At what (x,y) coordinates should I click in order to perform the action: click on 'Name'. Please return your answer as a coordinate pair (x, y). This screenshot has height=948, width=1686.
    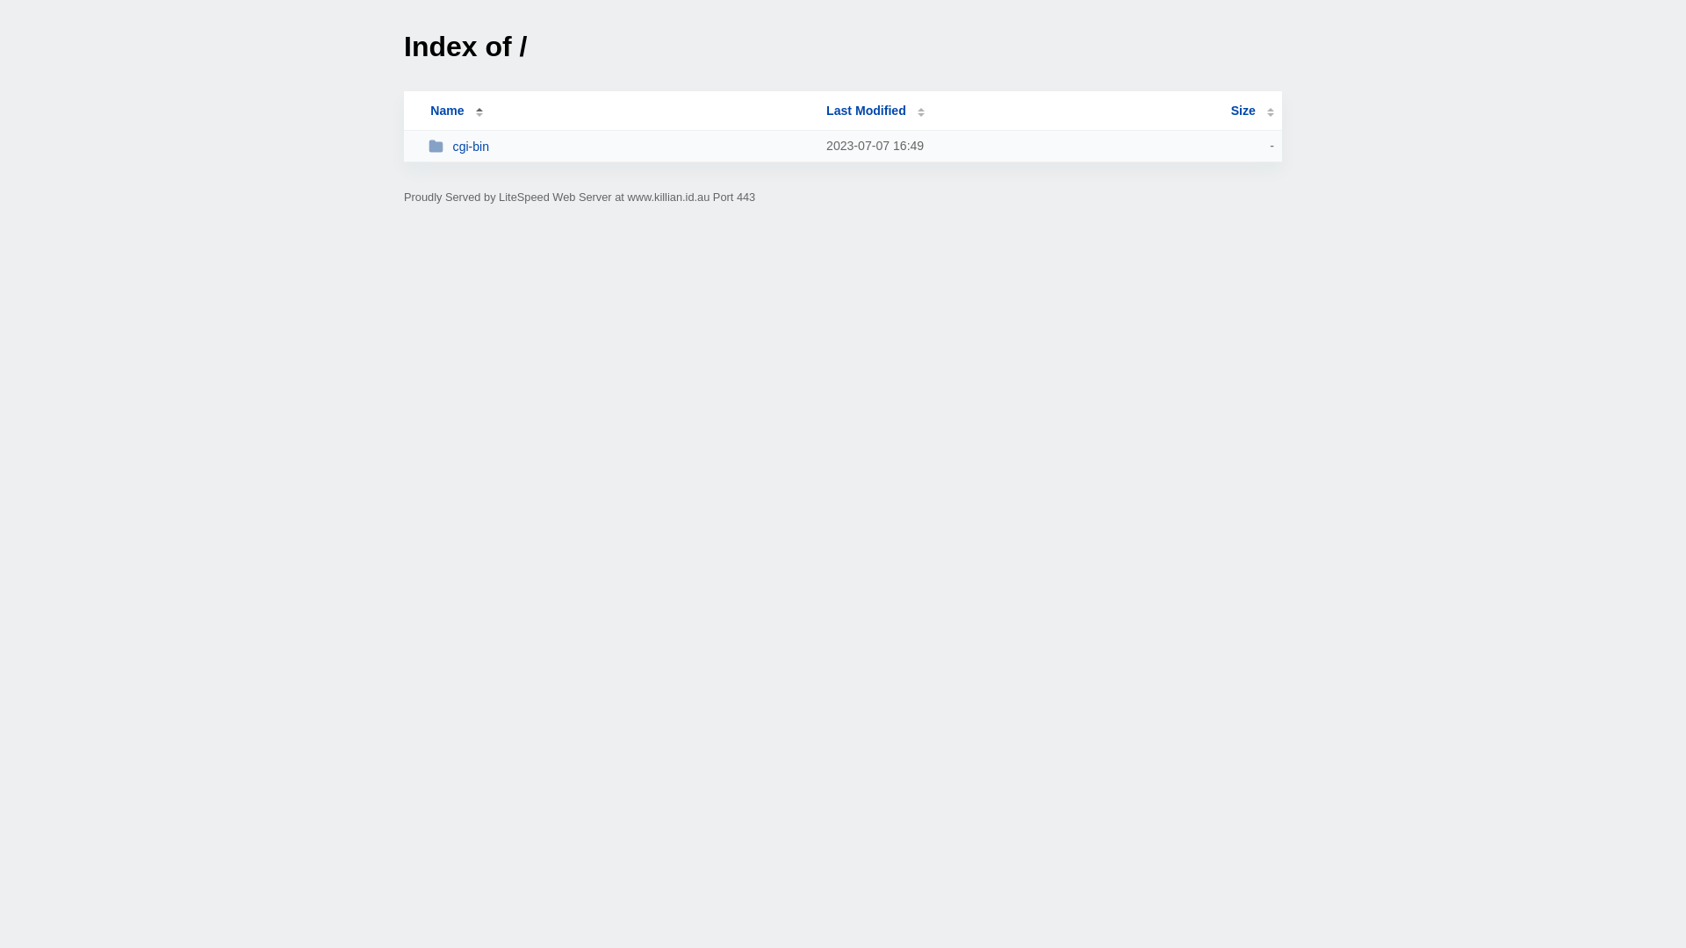
    Looking at the image, I should click on (446, 111).